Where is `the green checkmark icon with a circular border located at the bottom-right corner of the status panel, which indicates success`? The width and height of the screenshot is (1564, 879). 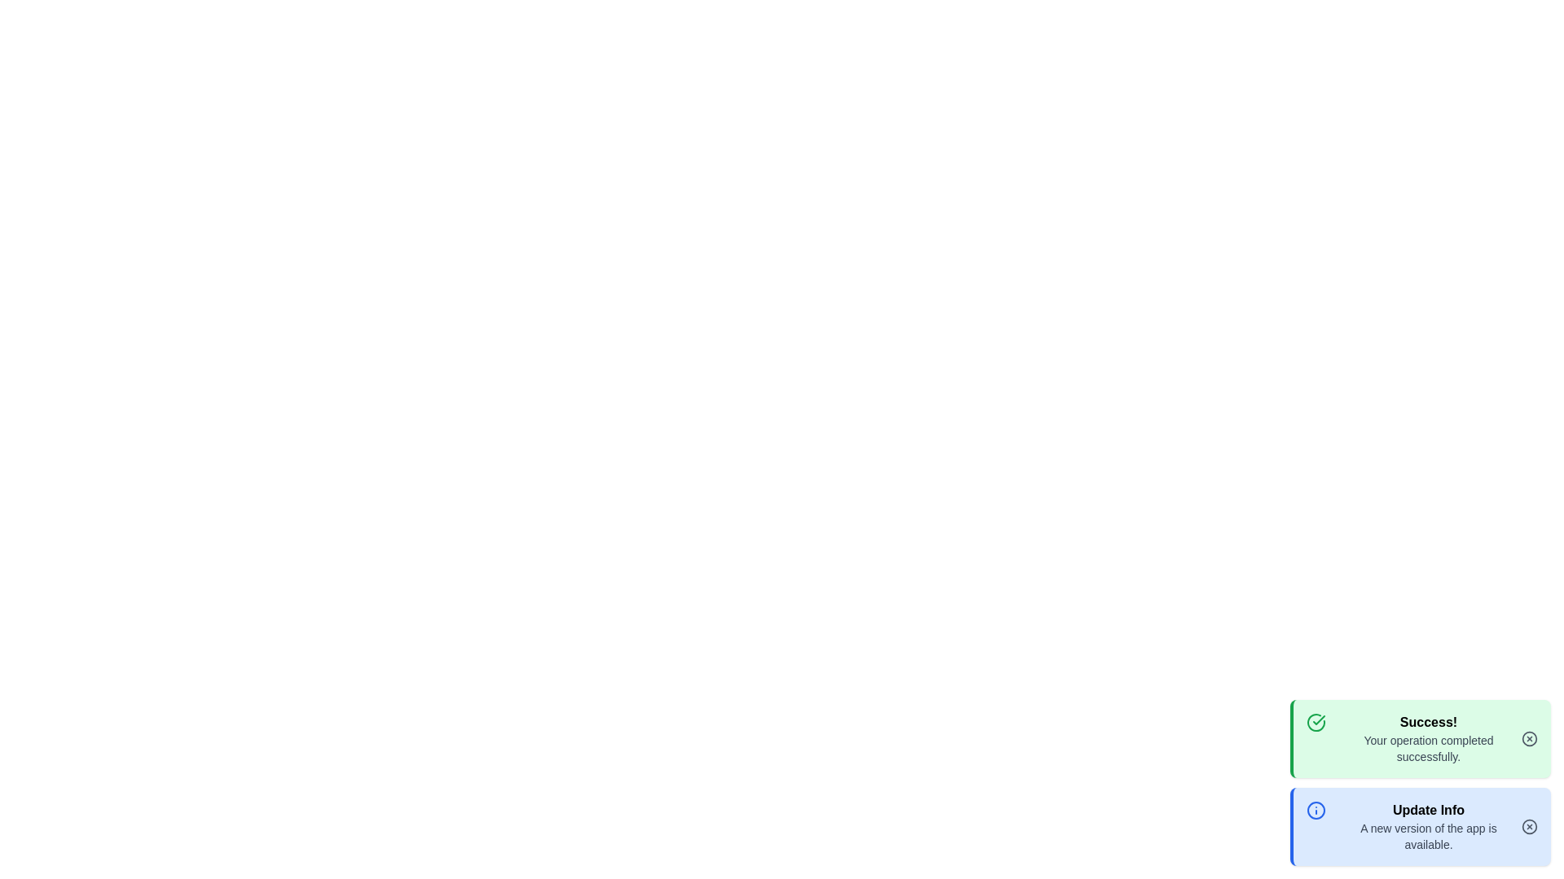 the green checkmark icon with a circular border located at the bottom-right corner of the status panel, which indicates success is located at coordinates (1316, 721).